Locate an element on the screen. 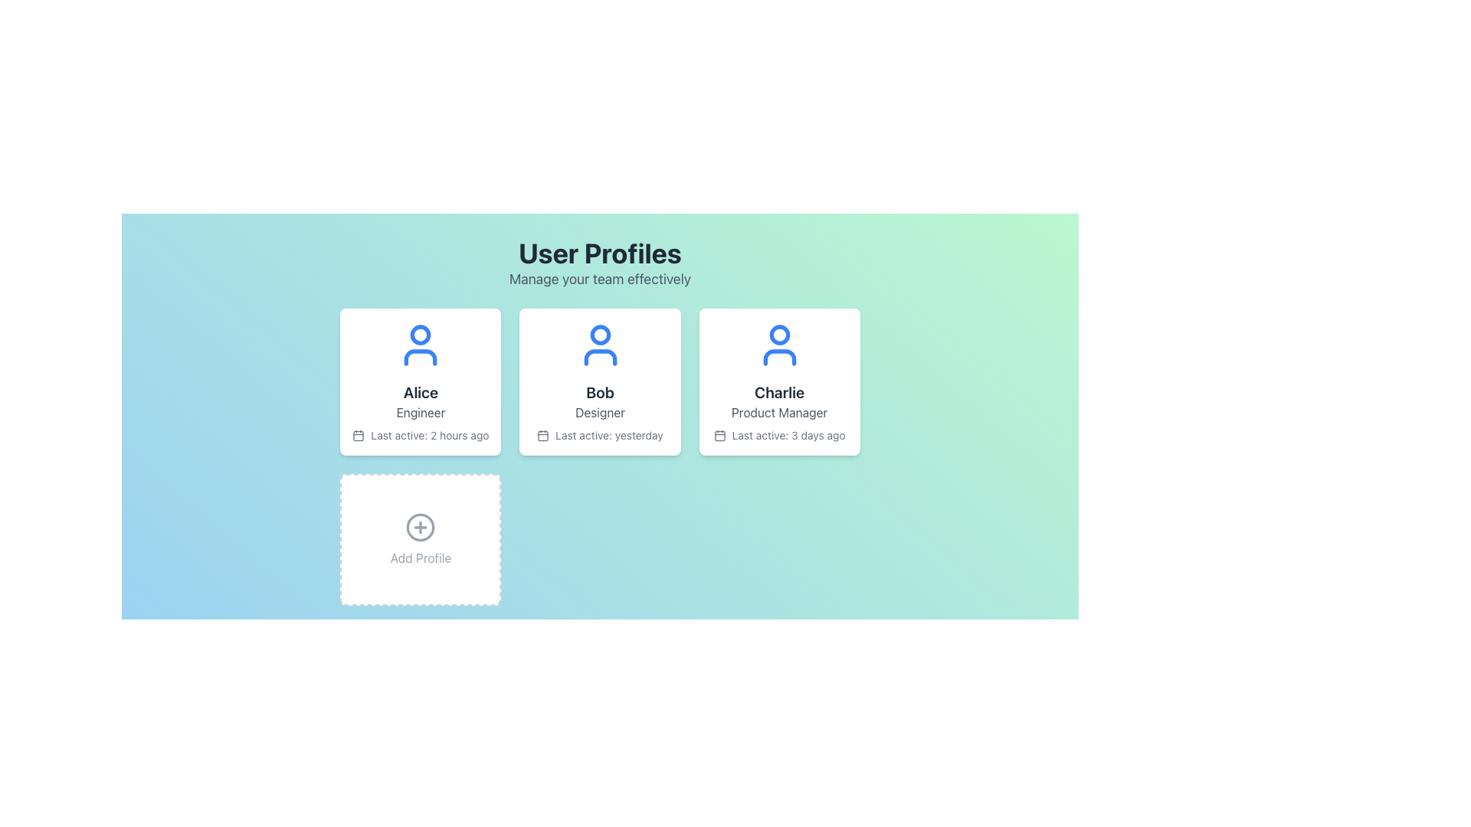 This screenshot has width=1471, height=827. the circular head of the user profile icon for 'Charlie, Product Manager', which is the third icon from the left in the row of user profile cards is located at coordinates (779, 334).